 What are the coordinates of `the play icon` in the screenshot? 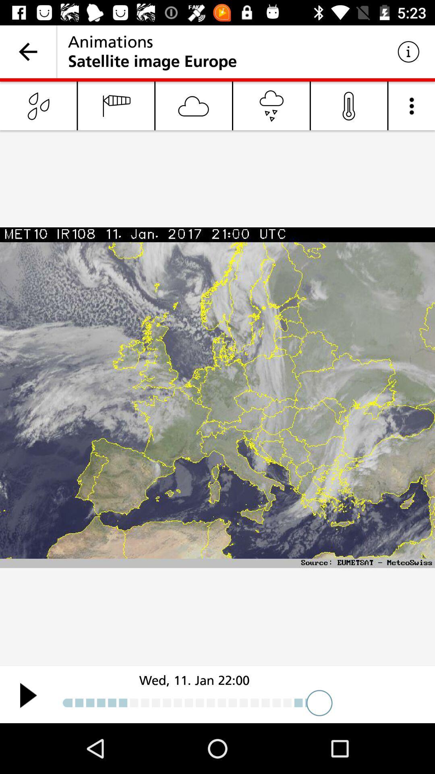 It's located at (28, 695).